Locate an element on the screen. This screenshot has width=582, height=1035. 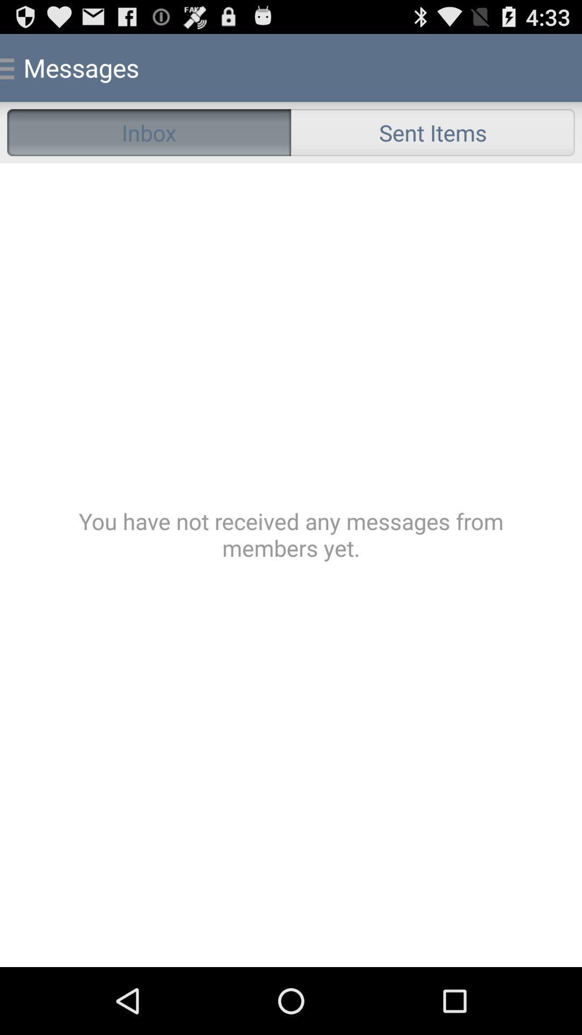
the sent items item is located at coordinates (432, 132).